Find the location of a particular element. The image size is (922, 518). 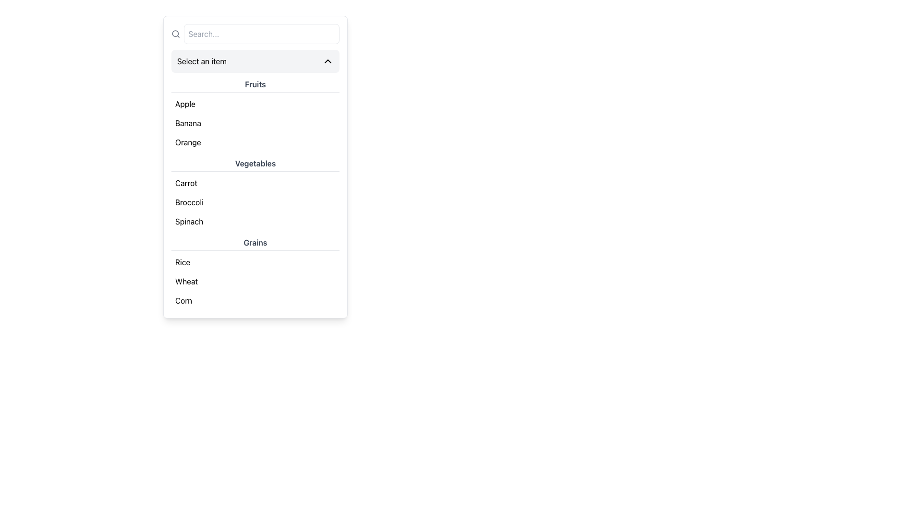

the 'Vegetables' section in the dropdown menu is located at coordinates (255, 194).